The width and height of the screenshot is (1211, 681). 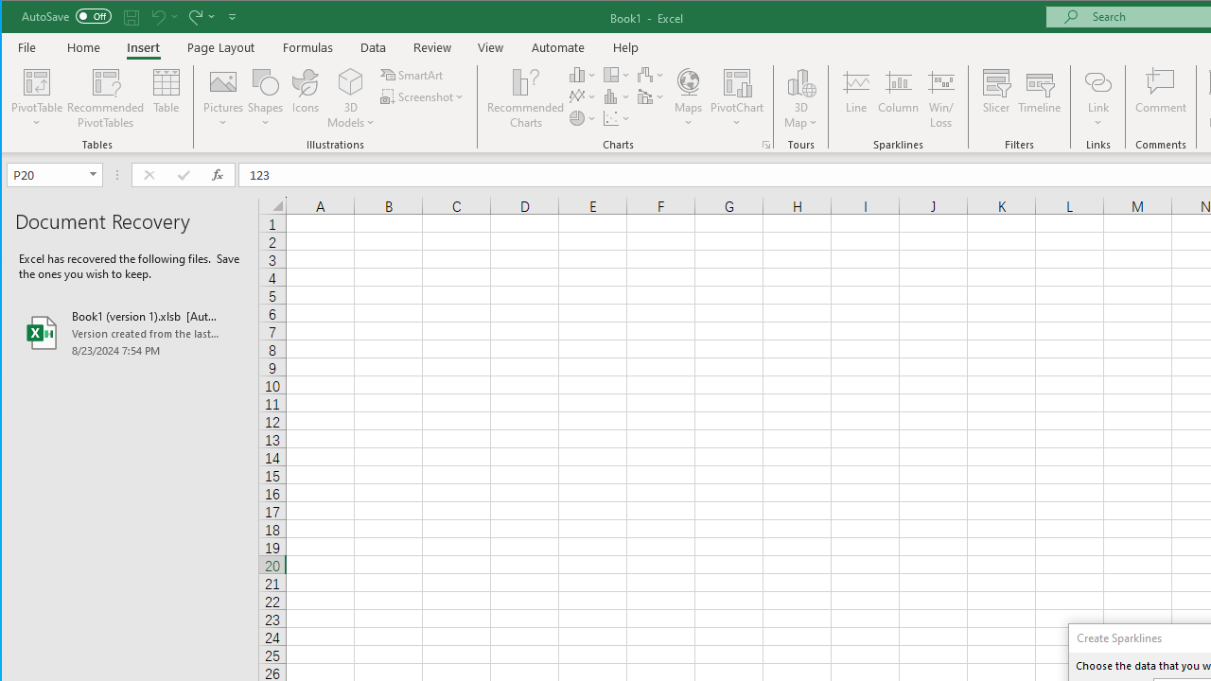 What do you see at coordinates (1160, 98) in the screenshot?
I see `'Comment'` at bounding box center [1160, 98].